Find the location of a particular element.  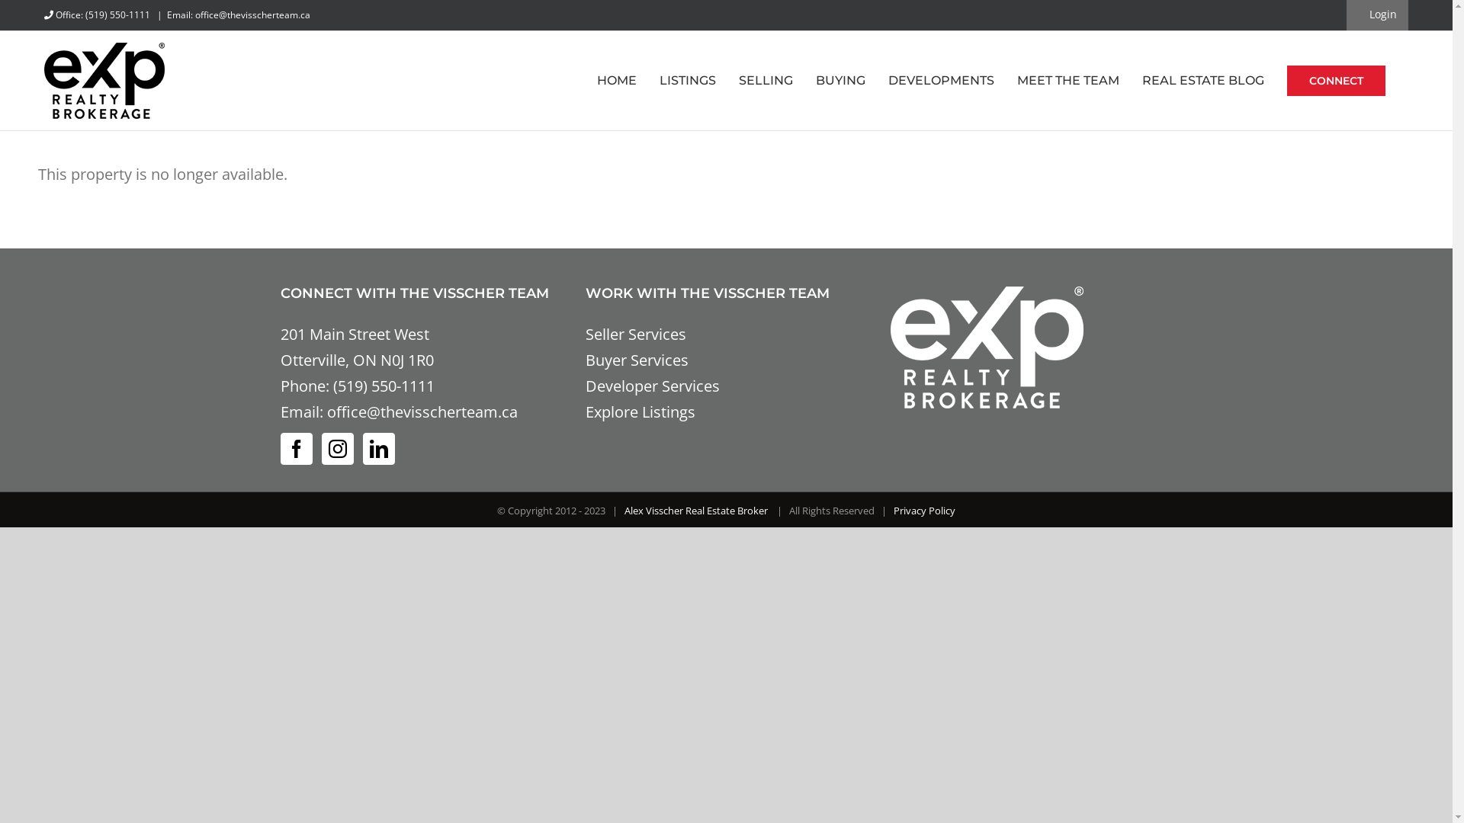

'Seller Services' is located at coordinates (636, 333).